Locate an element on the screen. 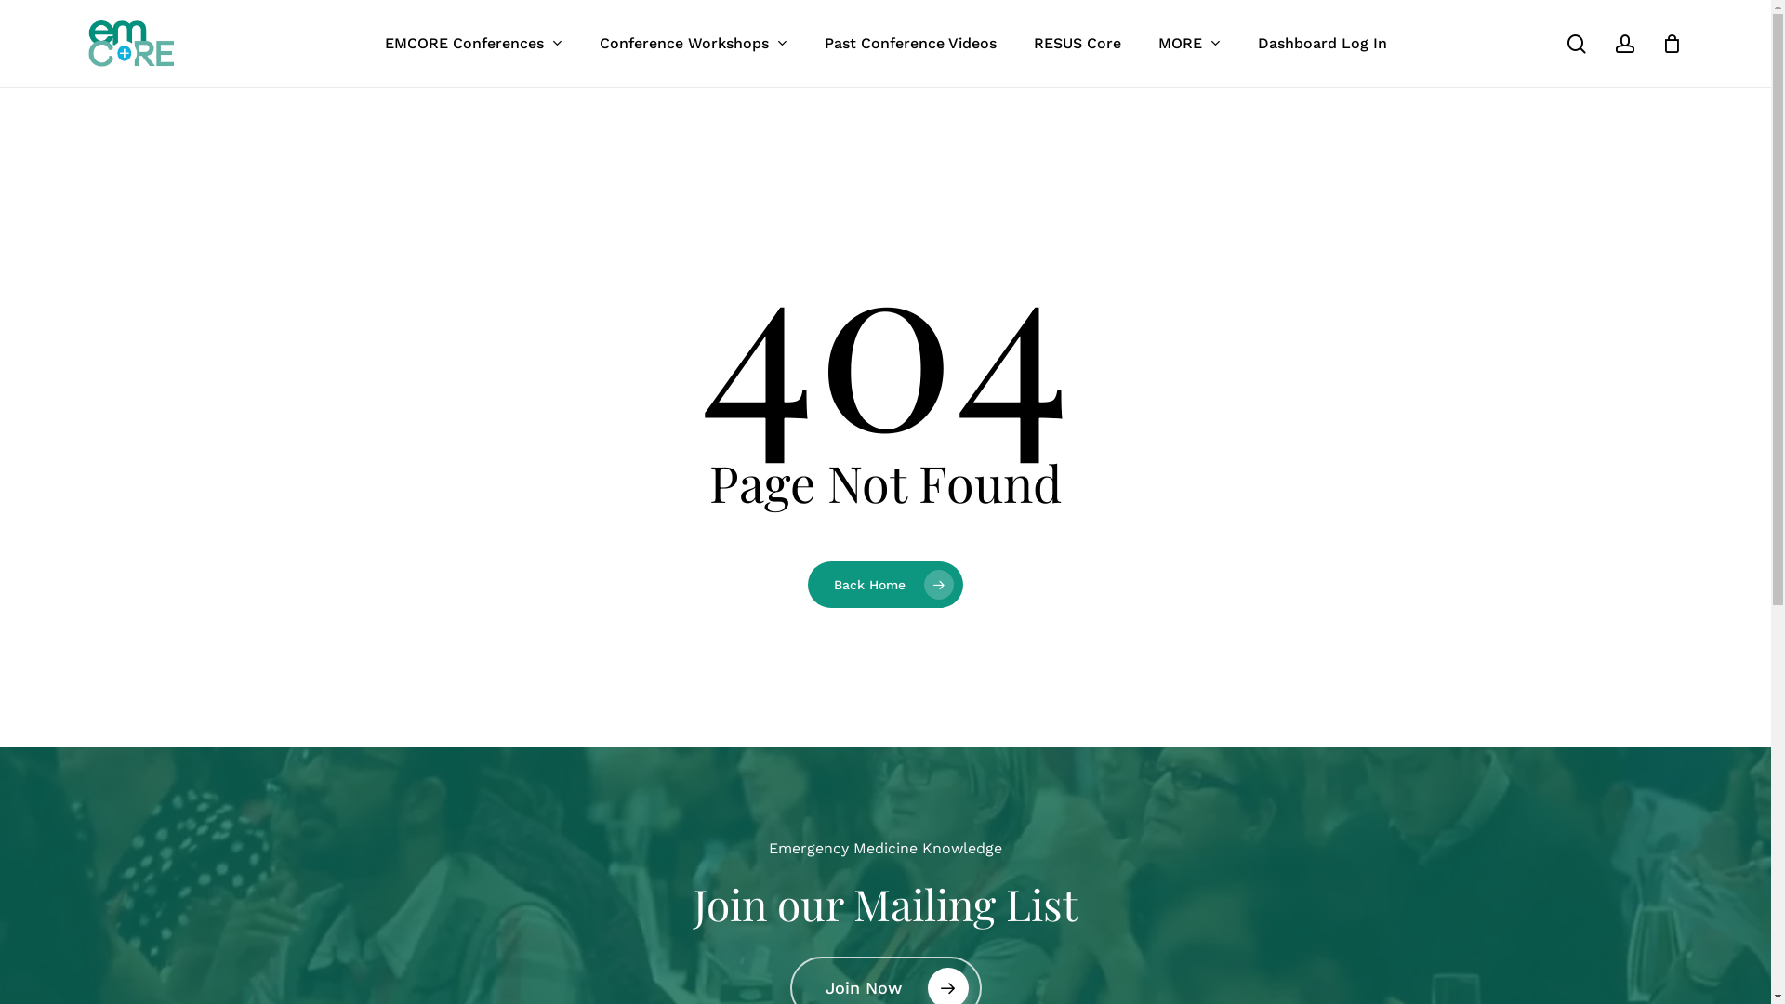 The height and width of the screenshot is (1004, 1785). 'EMCORE Conferences' is located at coordinates (473, 42).